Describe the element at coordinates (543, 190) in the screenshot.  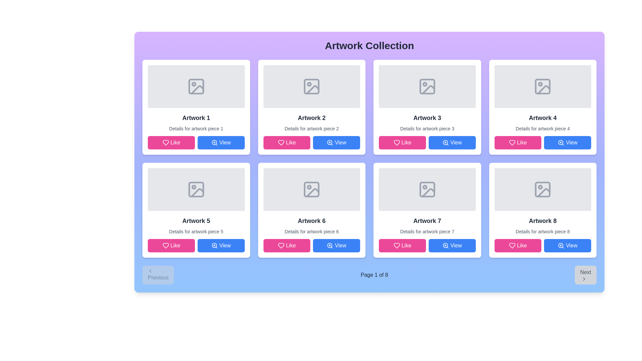
I see `the SVG rectangle element that represents a decorative part of the image icon placeholder, located centrally within the fourth image placeholder in the second row of the artwork grid` at that location.